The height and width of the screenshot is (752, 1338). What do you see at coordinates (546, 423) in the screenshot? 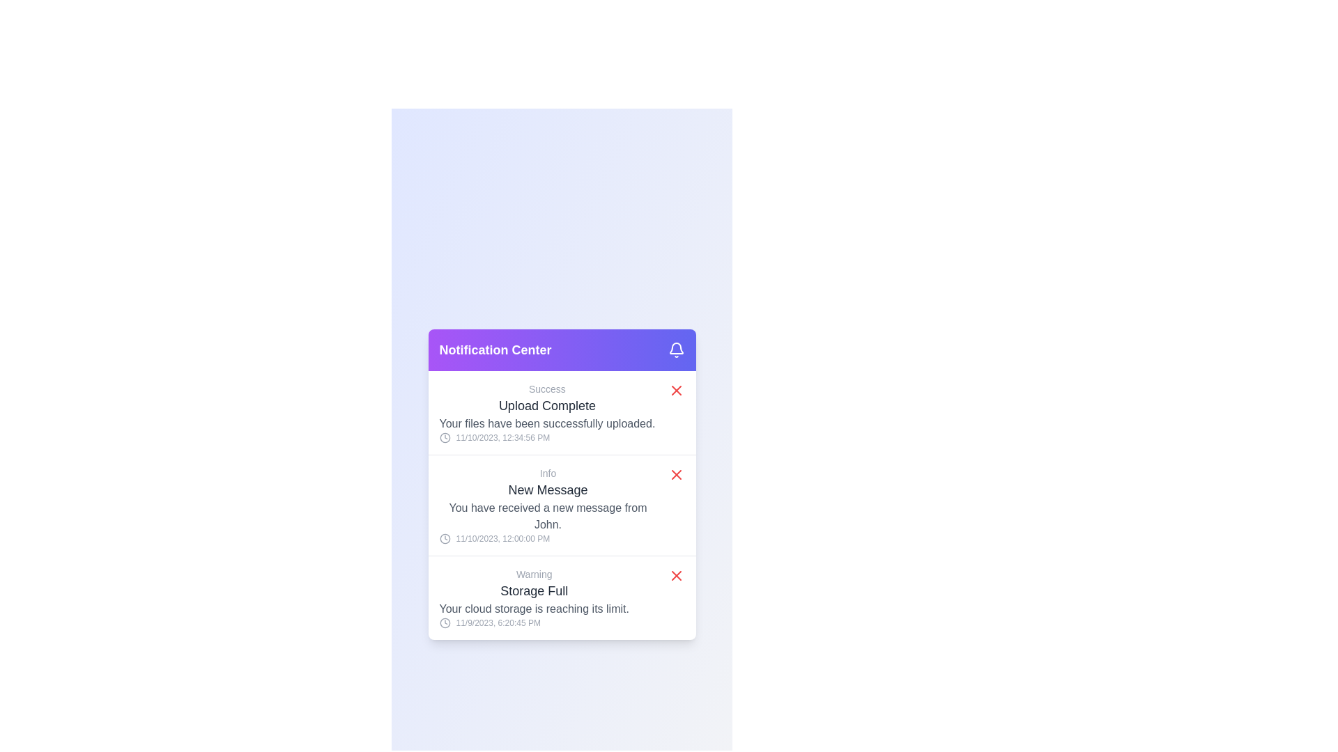
I see `text displaying the message 'Your files have been successfully uploaded.' located in the notification card below the title 'Upload Complete'` at bounding box center [546, 423].